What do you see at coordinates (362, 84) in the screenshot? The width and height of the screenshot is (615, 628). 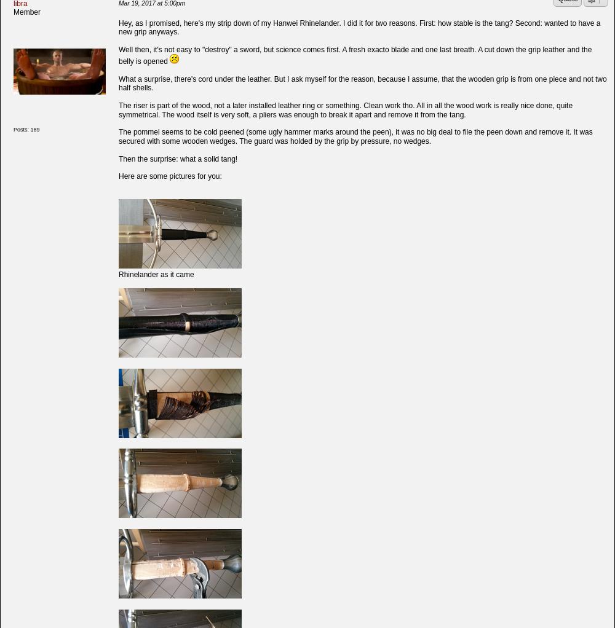 I see `'What a surprise, there's cord under the leather. But I ask myself for the reason, because I assume, that the wooden grip is from one piece and not two half shells.'` at bounding box center [362, 84].